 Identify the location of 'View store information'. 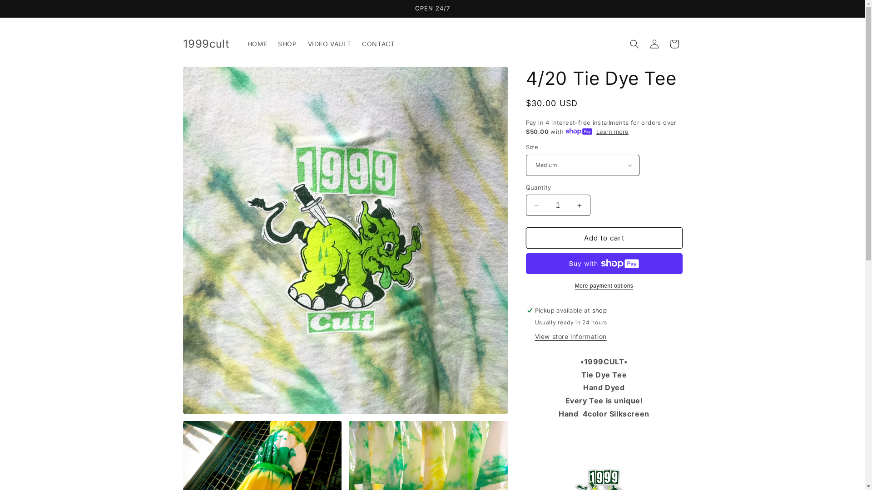
(570, 337).